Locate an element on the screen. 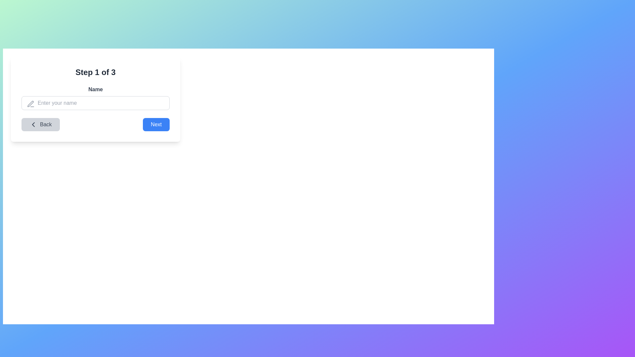 The image size is (635, 357). the Chevron Left icon that is part of the 'Back' button, located to the left of the 'Back' text label is located at coordinates (33, 125).